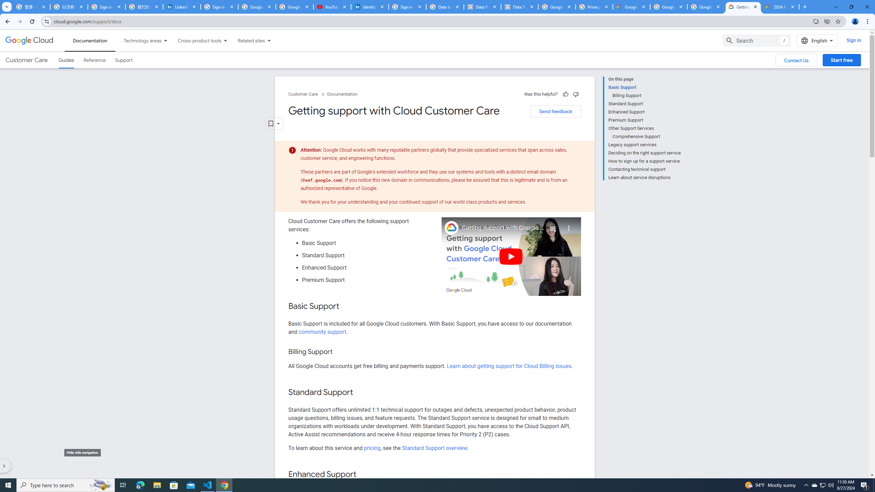  Describe the element at coordinates (756, 40) in the screenshot. I see `'Search'` at that location.